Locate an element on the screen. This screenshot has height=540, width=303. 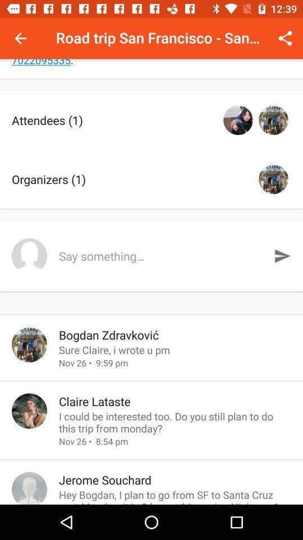
icon below claire lataste icon is located at coordinates (175, 421).